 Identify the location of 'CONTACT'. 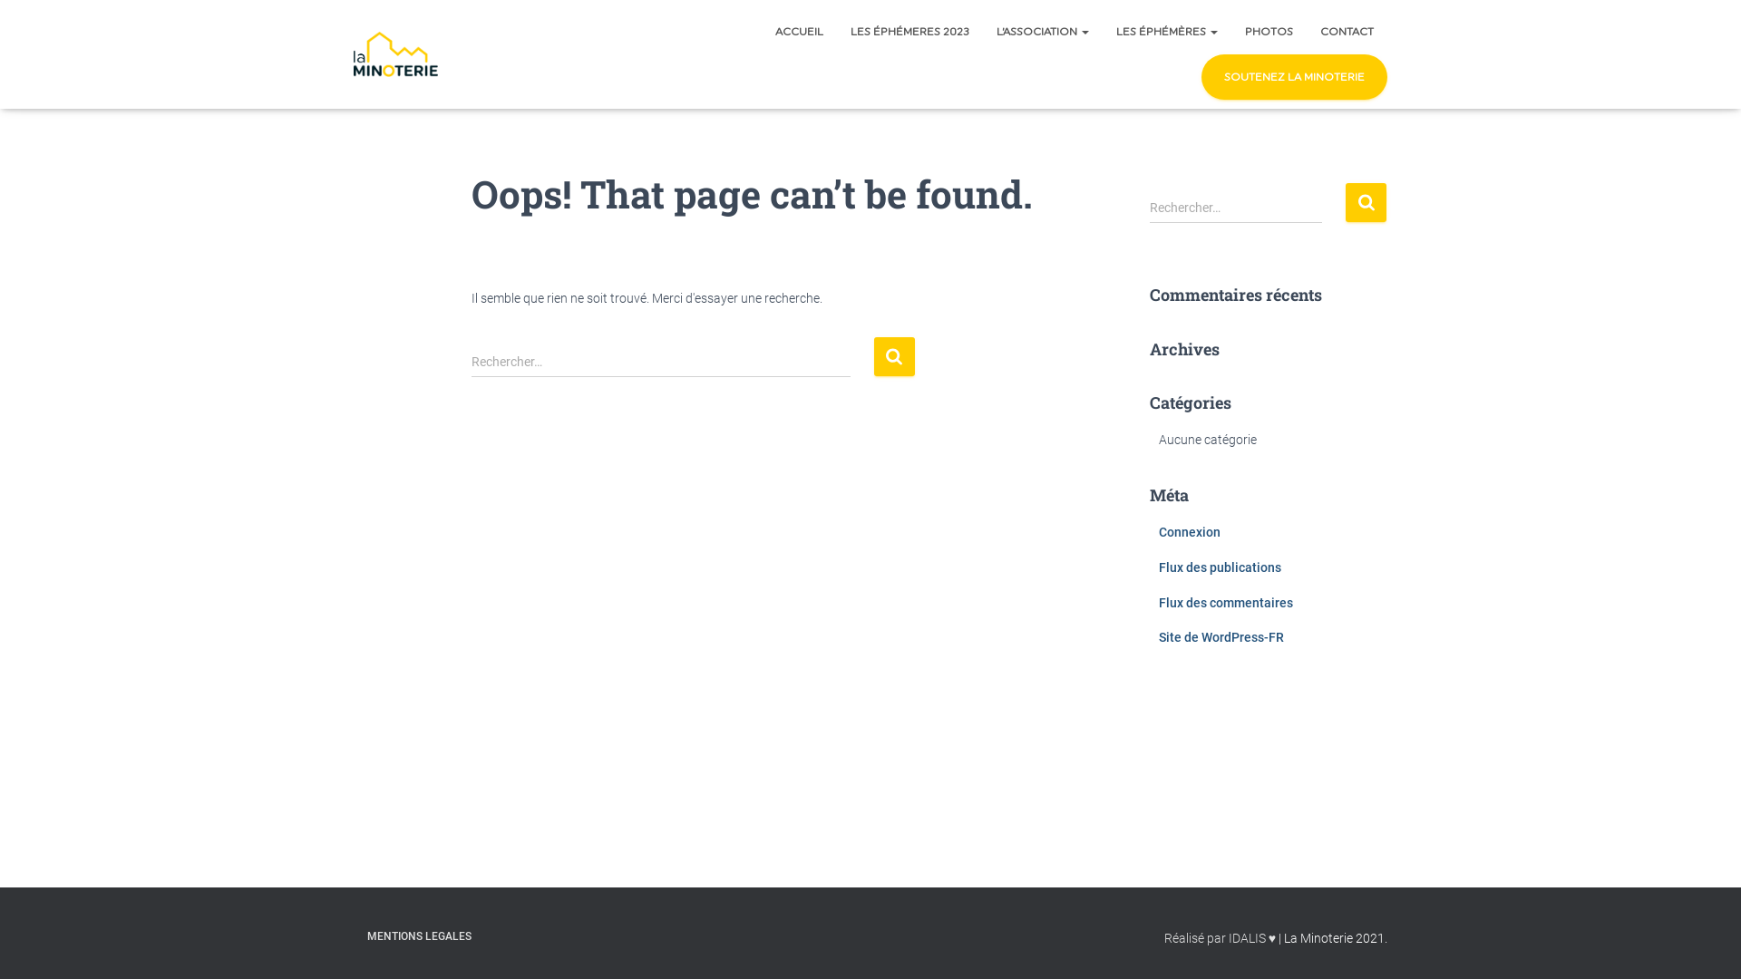
(1306, 31).